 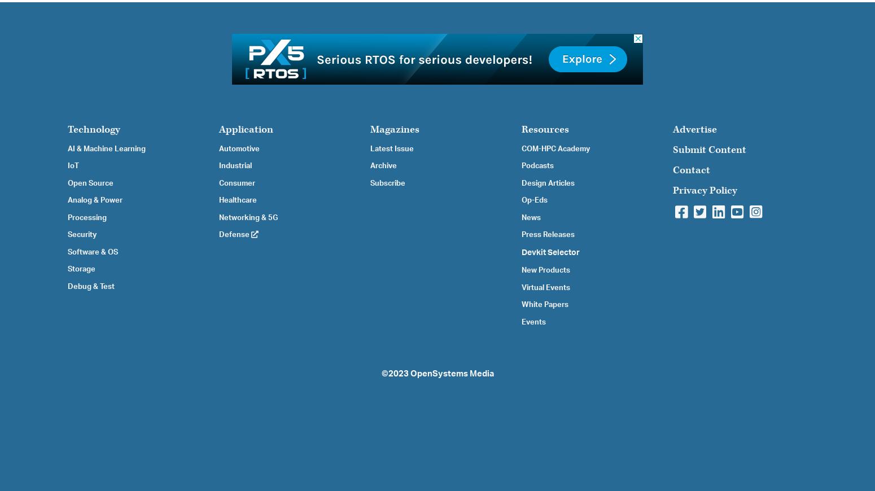 I want to click on 'Podcasts', so click(x=537, y=165).